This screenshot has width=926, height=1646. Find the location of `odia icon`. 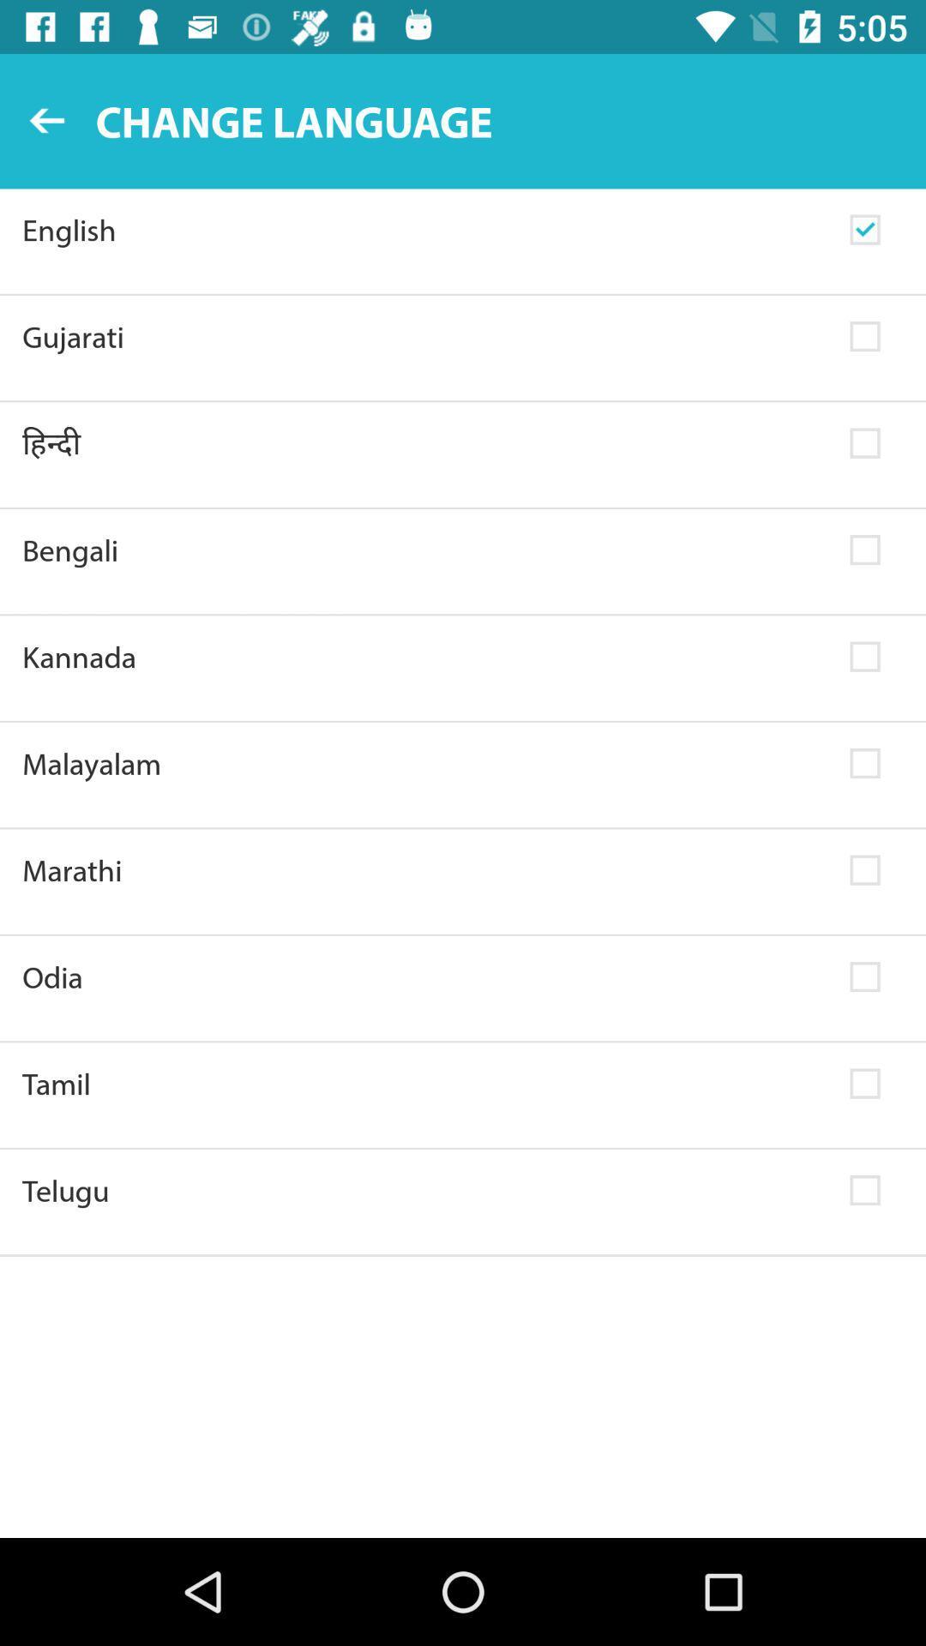

odia icon is located at coordinates (424, 977).